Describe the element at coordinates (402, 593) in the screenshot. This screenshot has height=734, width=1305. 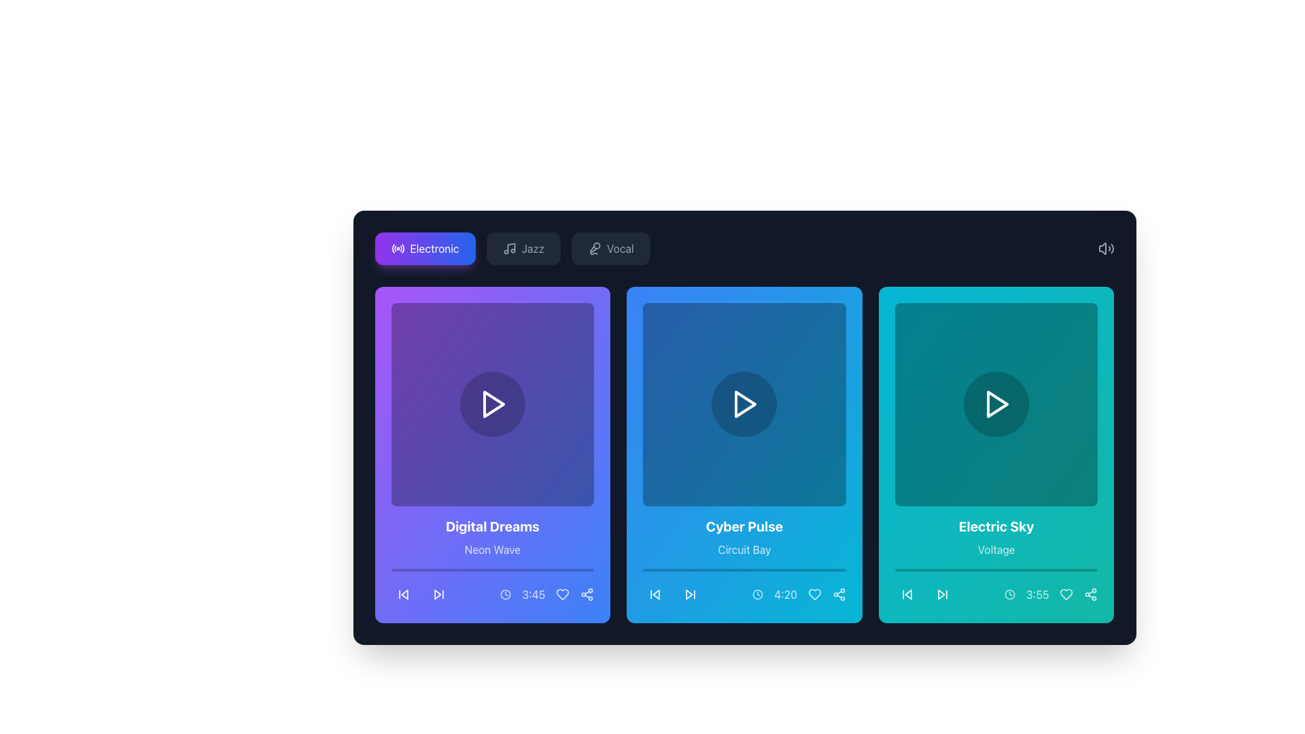
I see `the leftmost button in the media control panel to skip back to the previous track, which is located directly below the 'Digital Dreams' and 'Neon Wave' card` at that location.